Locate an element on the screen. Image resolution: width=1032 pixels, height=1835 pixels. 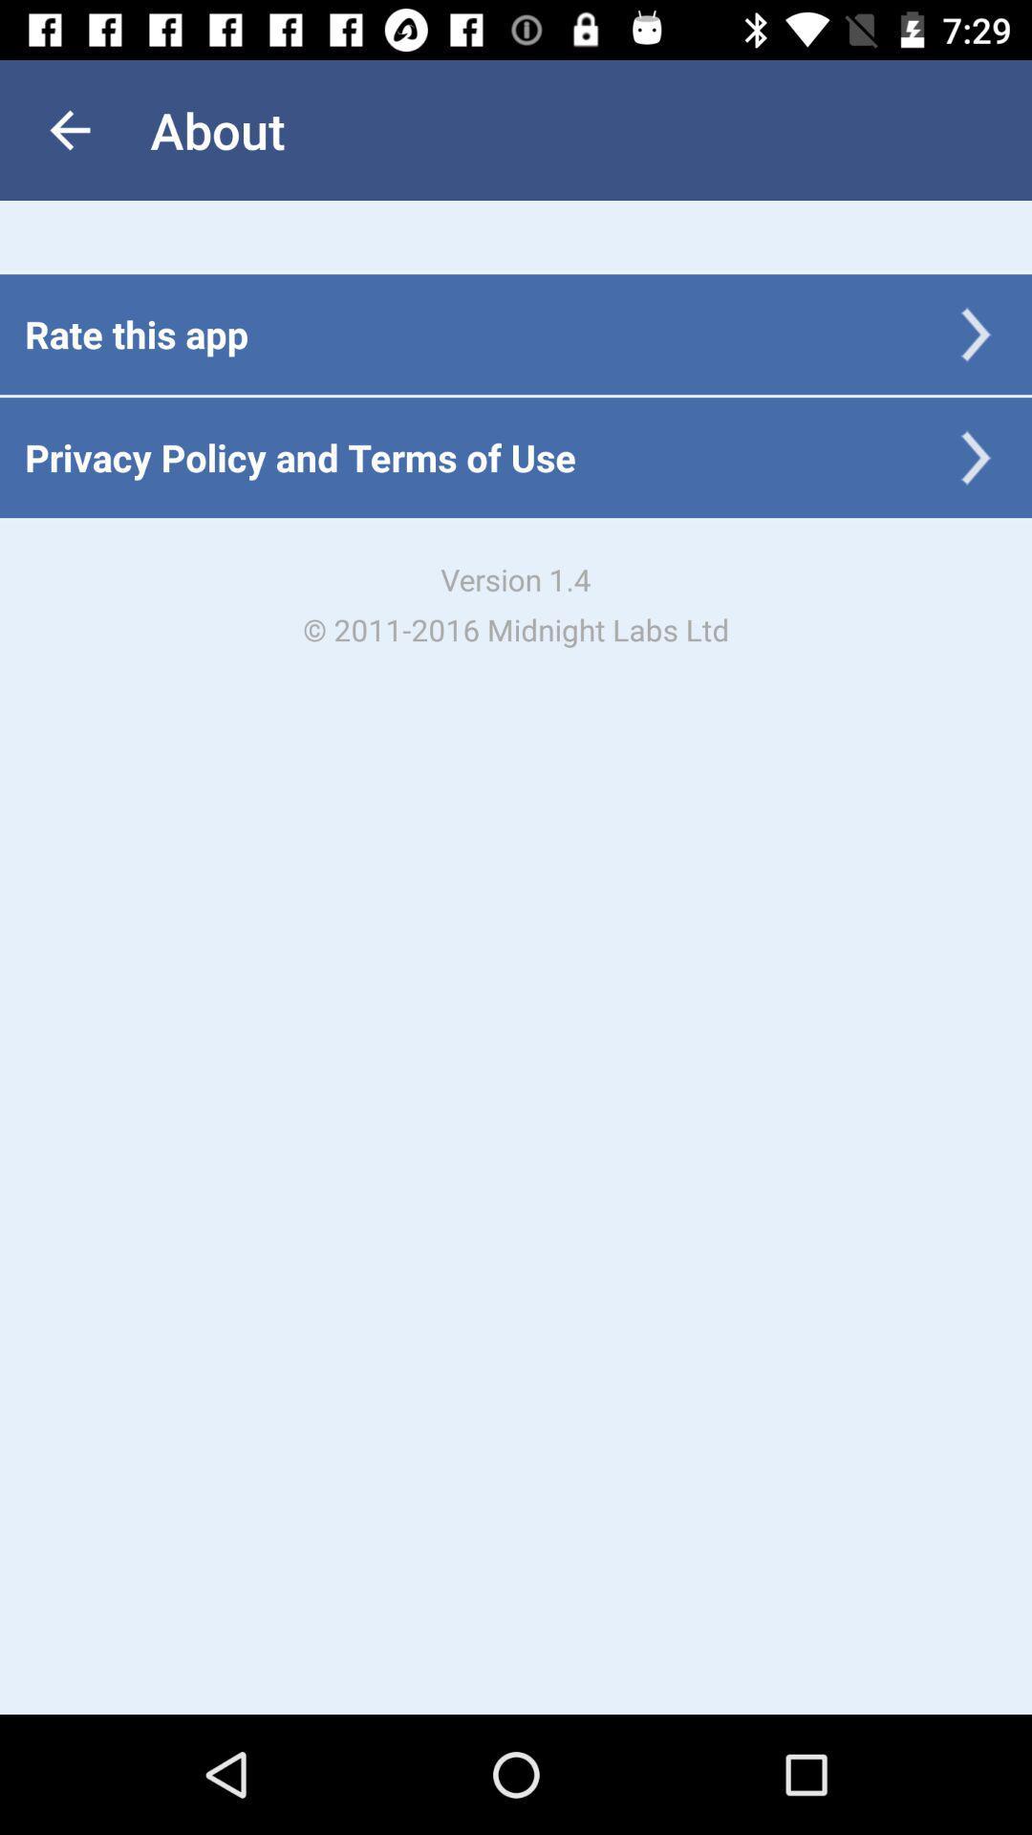
the icon below the rate this app item is located at coordinates (300, 456).